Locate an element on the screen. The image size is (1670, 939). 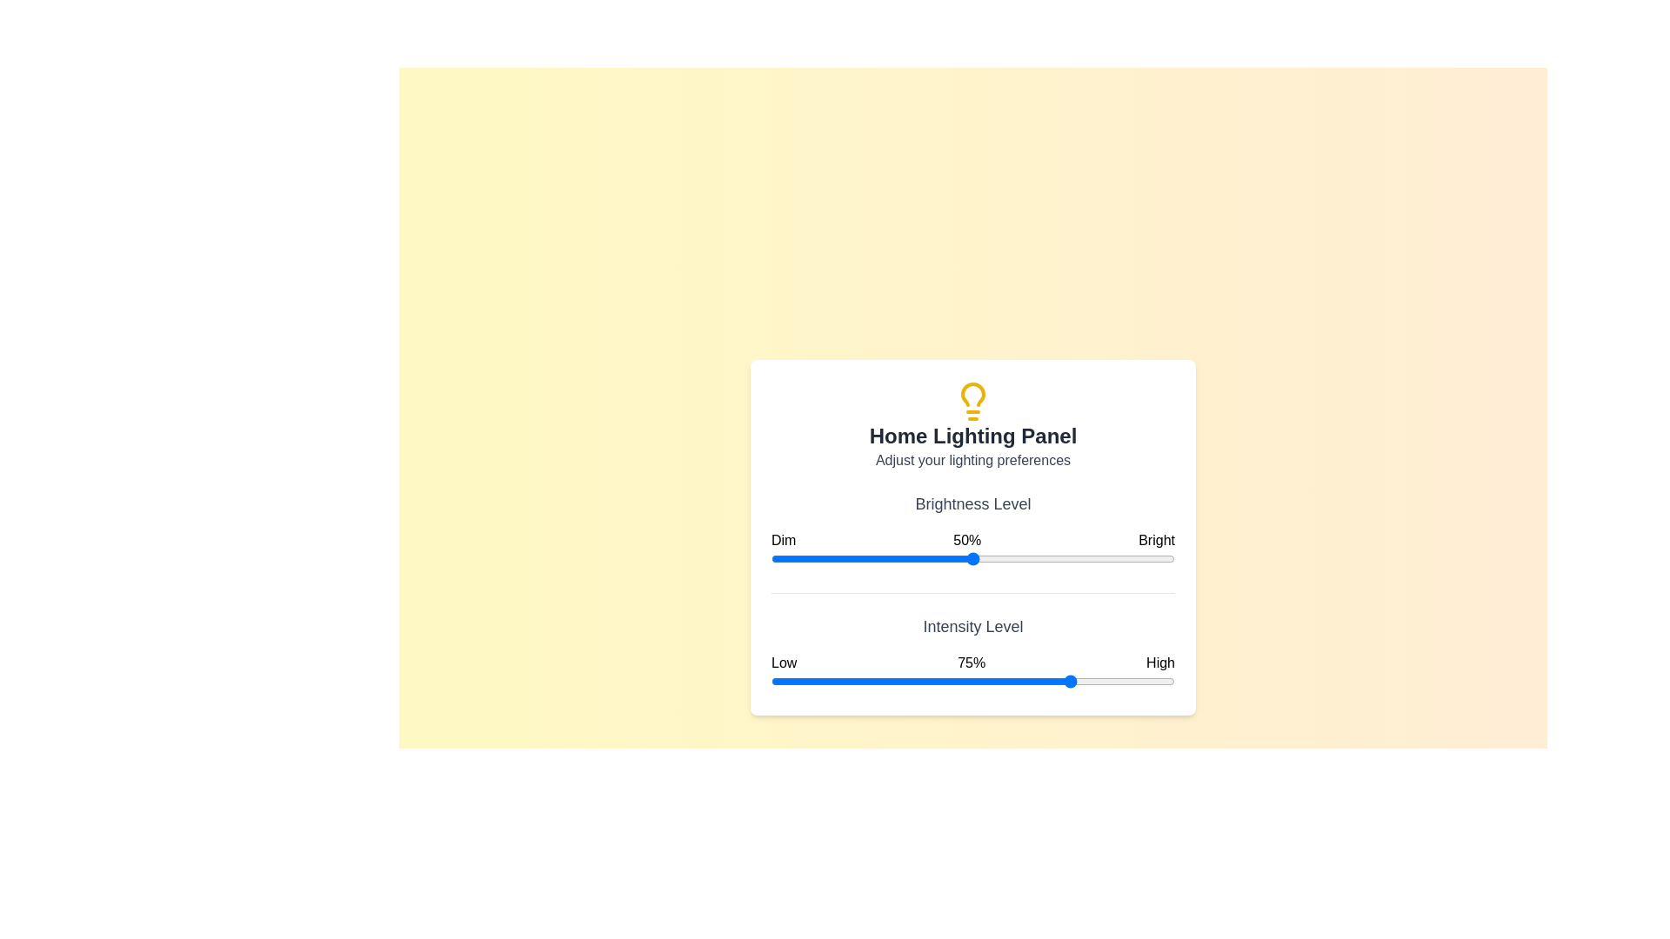
current intensity level from the 'Intensity Level' slider component, which is styled with a blue line indicating the current intensity at 75% is located at coordinates (972, 654).